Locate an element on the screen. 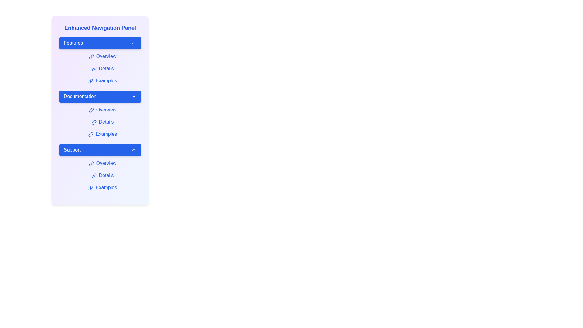  the 'Details' hyperlink, which is styled with blue text and an underline, located in the 'Support' section of the navigation panel is located at coordinates (102, 176).